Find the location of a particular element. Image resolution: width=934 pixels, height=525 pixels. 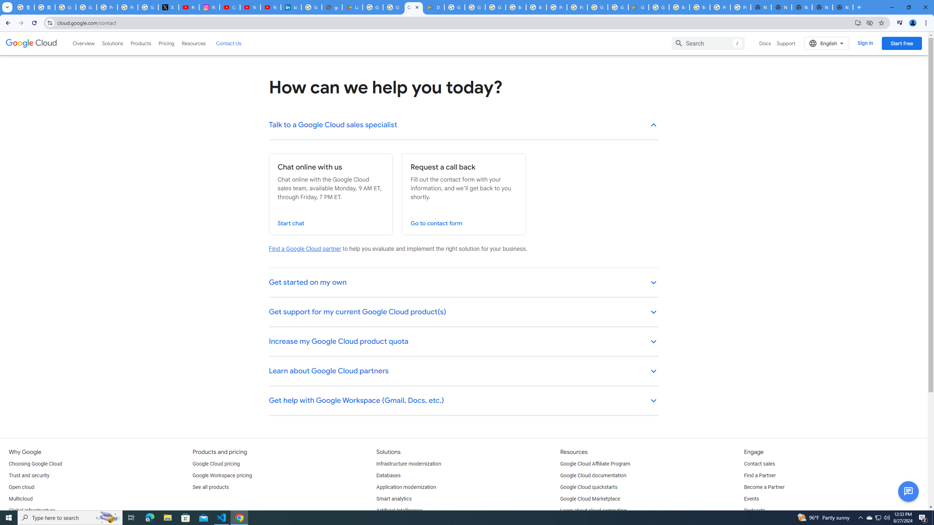

'Google Cloud' is located at coordinates (31, 43).